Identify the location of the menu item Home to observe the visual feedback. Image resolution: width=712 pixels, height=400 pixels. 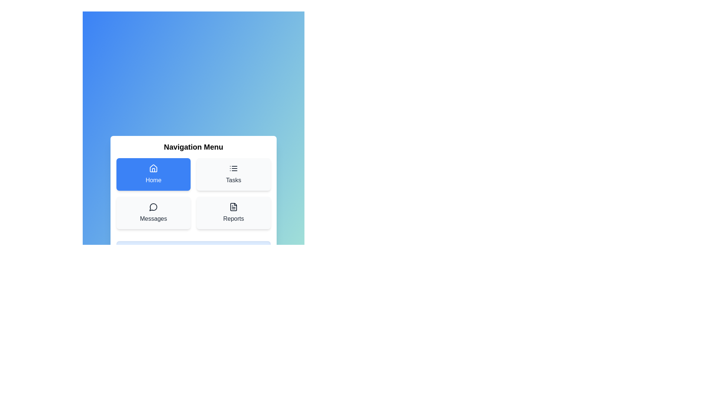
(153, 174).